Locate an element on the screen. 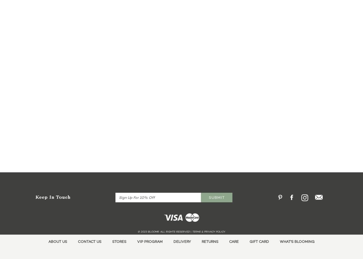 The height and width of the screenshot is (259, 363). 'terms' is located at coordinates (196, 231).